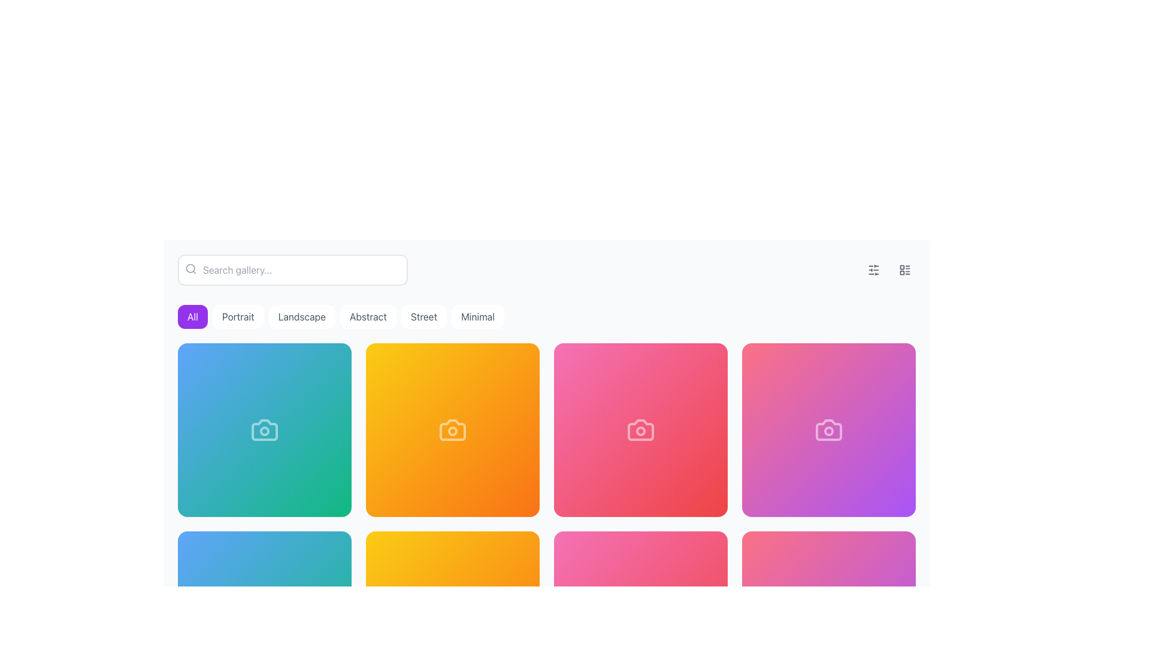  Describe the element at coordinates (640, 429) in the screenshot. I see `the white camera icon located within the pink rectangular tile in the second row and third column of the grid` at that location.